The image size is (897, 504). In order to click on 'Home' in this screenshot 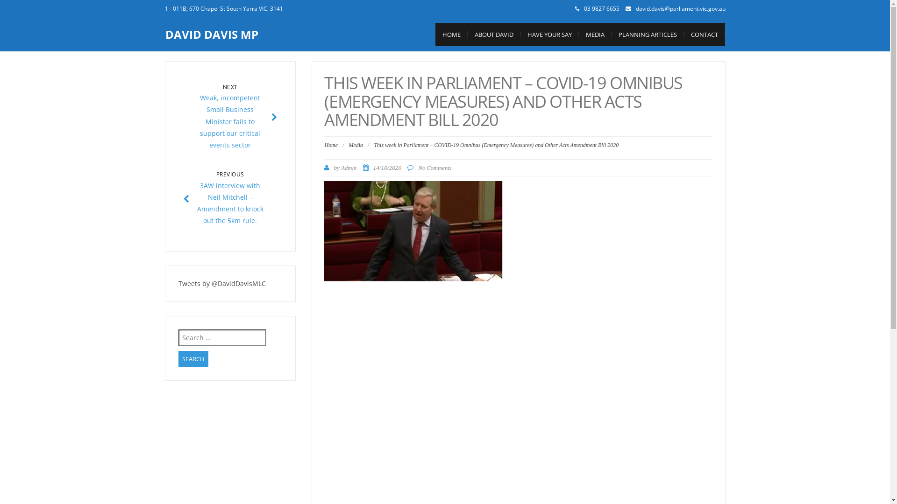, I will do `click(324, 145)`.